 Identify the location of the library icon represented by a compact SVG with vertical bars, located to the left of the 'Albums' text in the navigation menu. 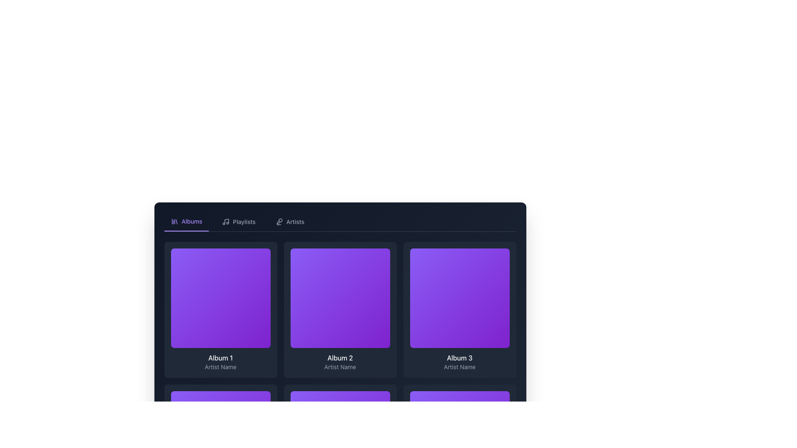
(174, 221).